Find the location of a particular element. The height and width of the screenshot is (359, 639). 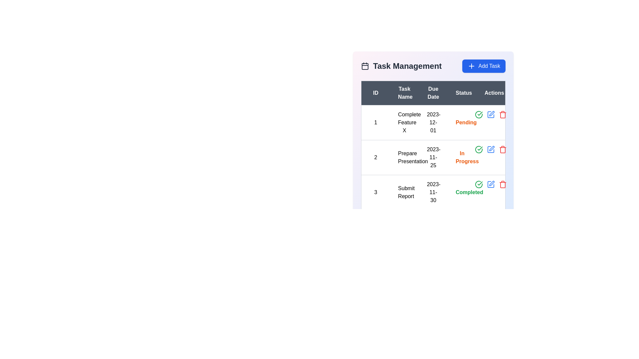

the static text element that displays the unique numeric identifier for the corresponding task row in the table, located in the first column of the second row under the 'ID' header is located at coordinates (375, 158).